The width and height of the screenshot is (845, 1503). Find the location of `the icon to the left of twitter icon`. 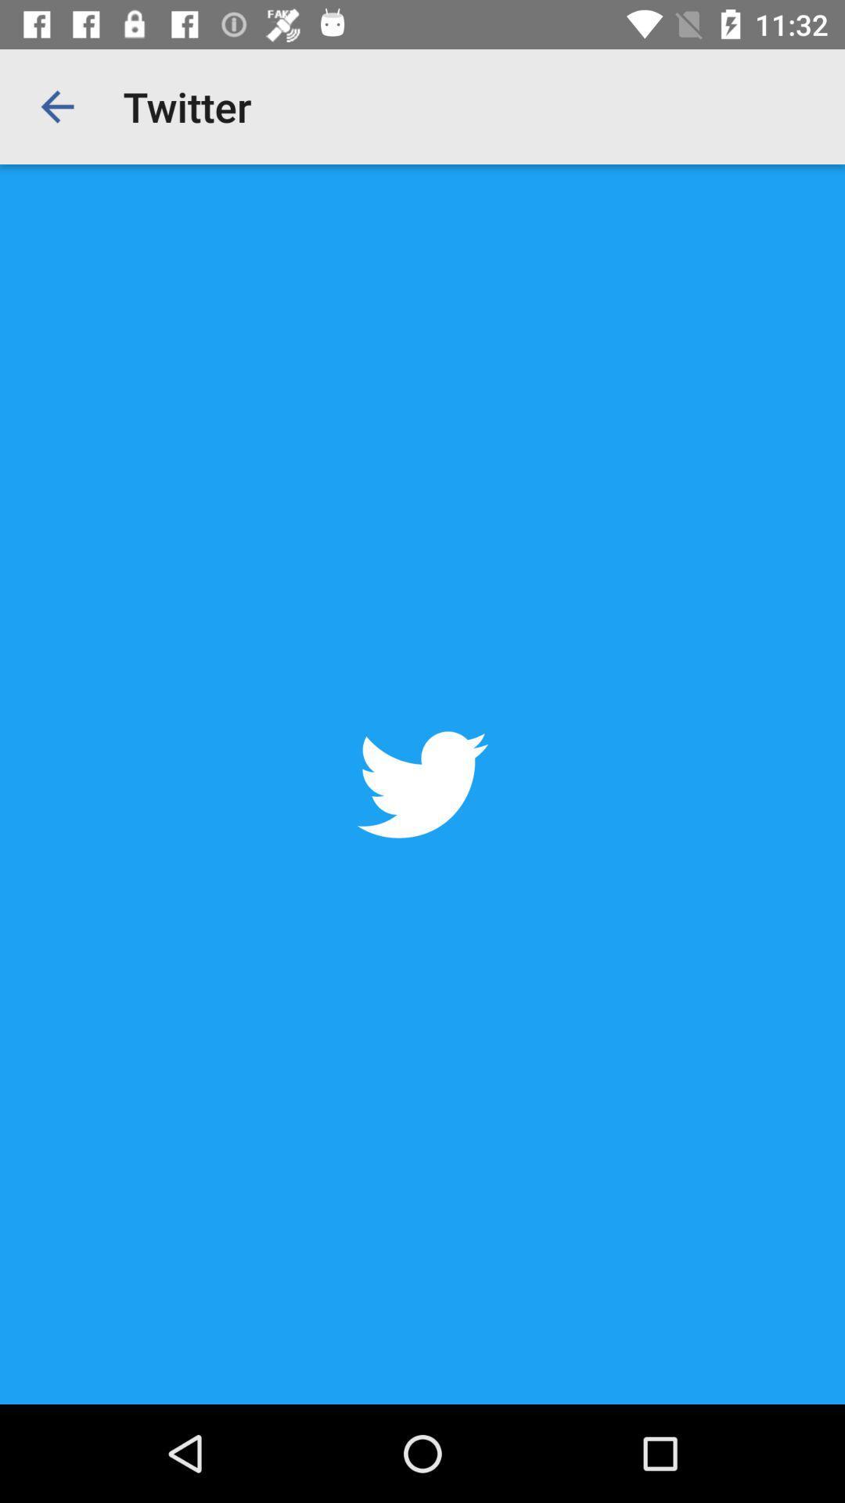

the icon to the left of twitter icon is located at coordinates (56, 106).